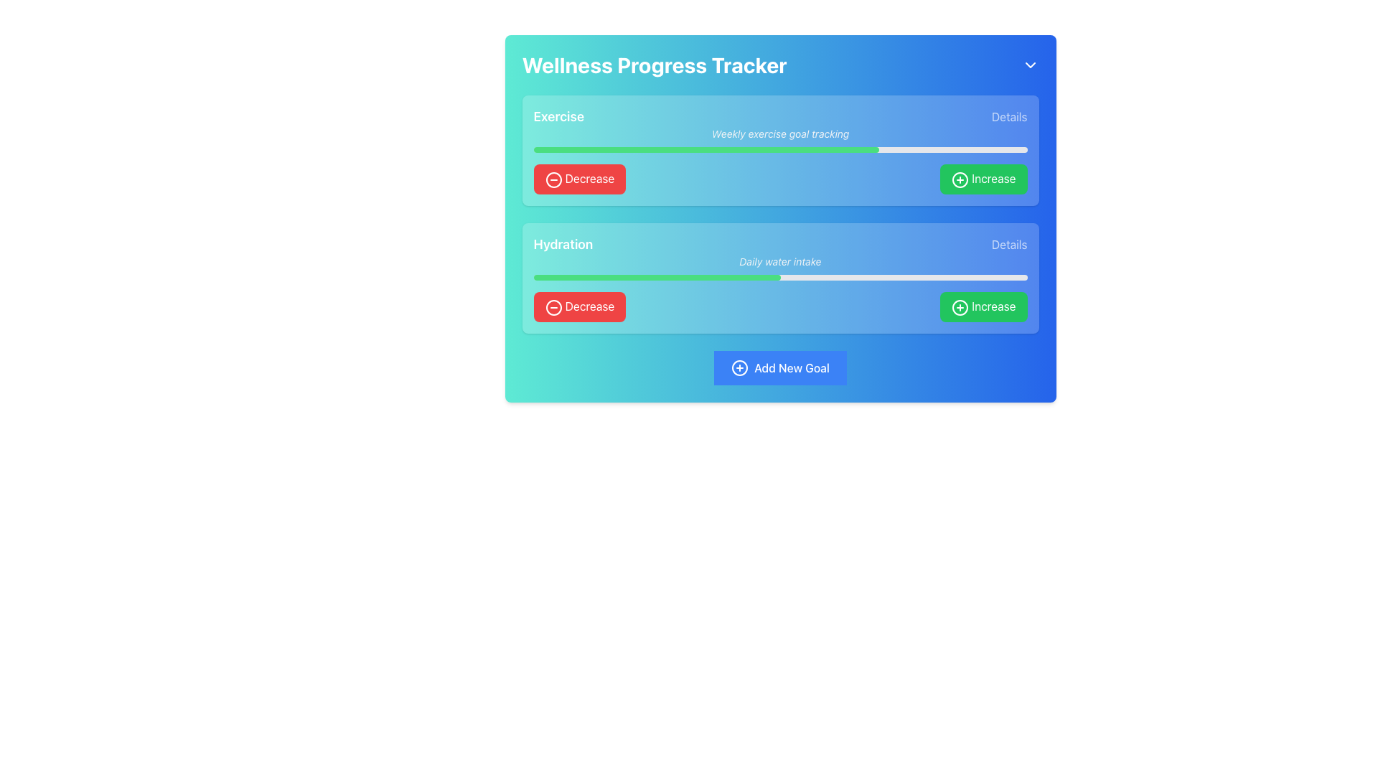 The image size is (1378, 775). Describe the element at coordinates (779, 261) in the screenshot. I see `the text label displaying 'Daily water intake' in italic gray font, located below the 'Hydration' header and above the progress bar` at that location.